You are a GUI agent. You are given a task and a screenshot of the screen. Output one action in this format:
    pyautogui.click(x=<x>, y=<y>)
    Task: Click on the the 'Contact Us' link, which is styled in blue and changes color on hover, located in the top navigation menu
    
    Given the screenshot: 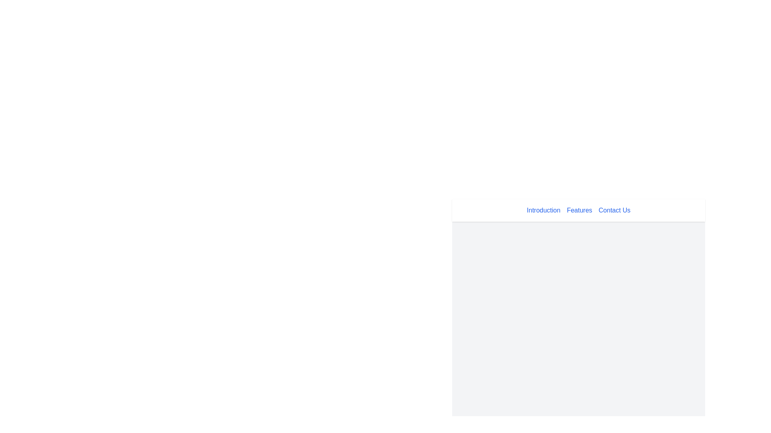 What is the action you would take?
    pyautogui.click(x=614, y=210)
    